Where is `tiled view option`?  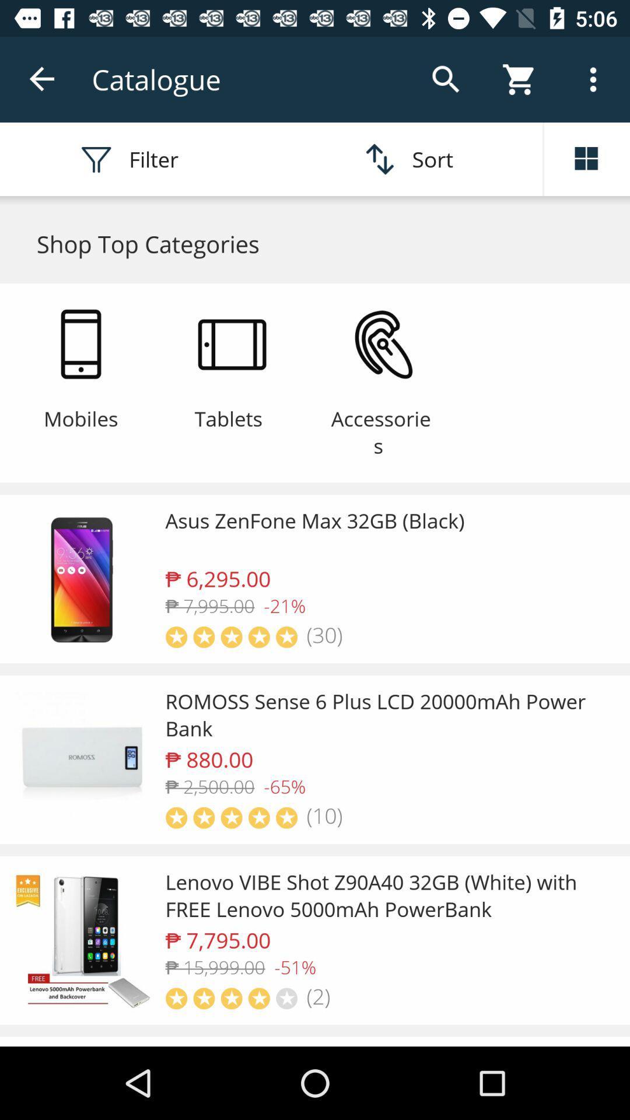 tiled view option is located at coordinates (587, 159).